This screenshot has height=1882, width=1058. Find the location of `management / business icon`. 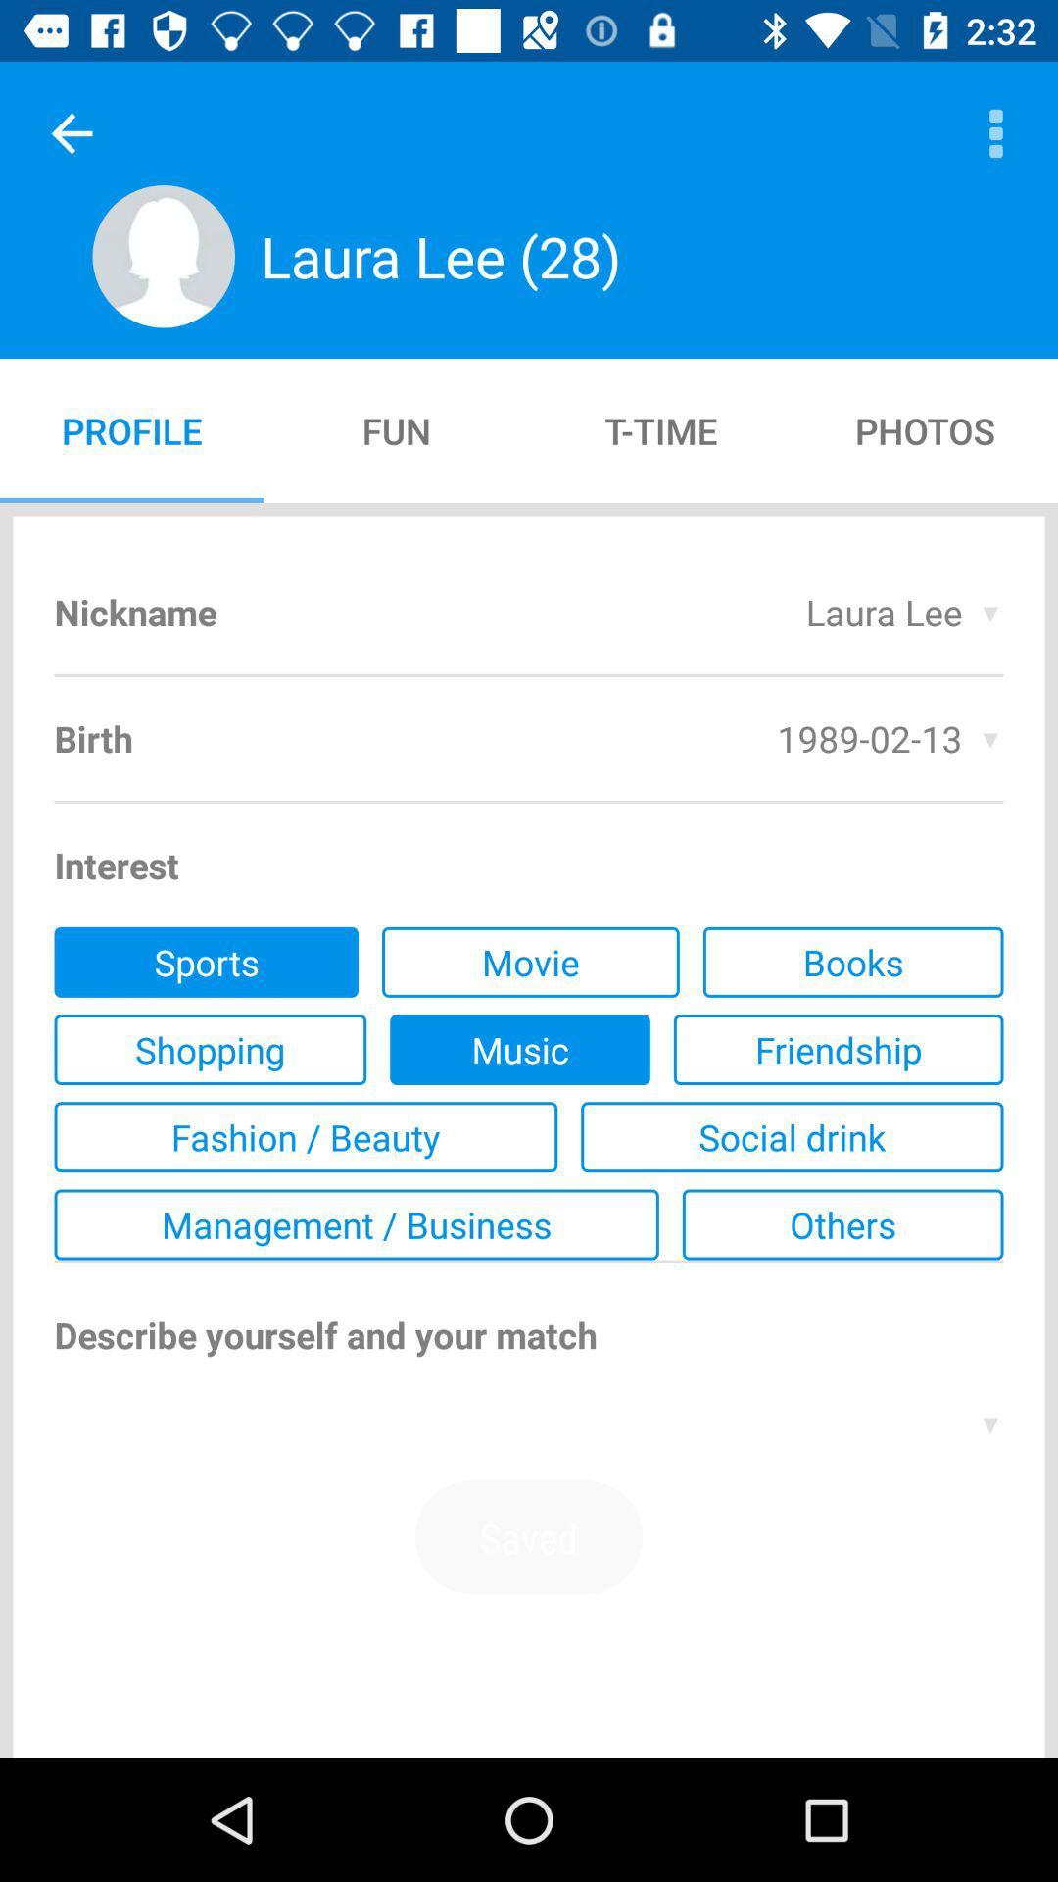

management / business icon is located at coordinates (357, 1223).